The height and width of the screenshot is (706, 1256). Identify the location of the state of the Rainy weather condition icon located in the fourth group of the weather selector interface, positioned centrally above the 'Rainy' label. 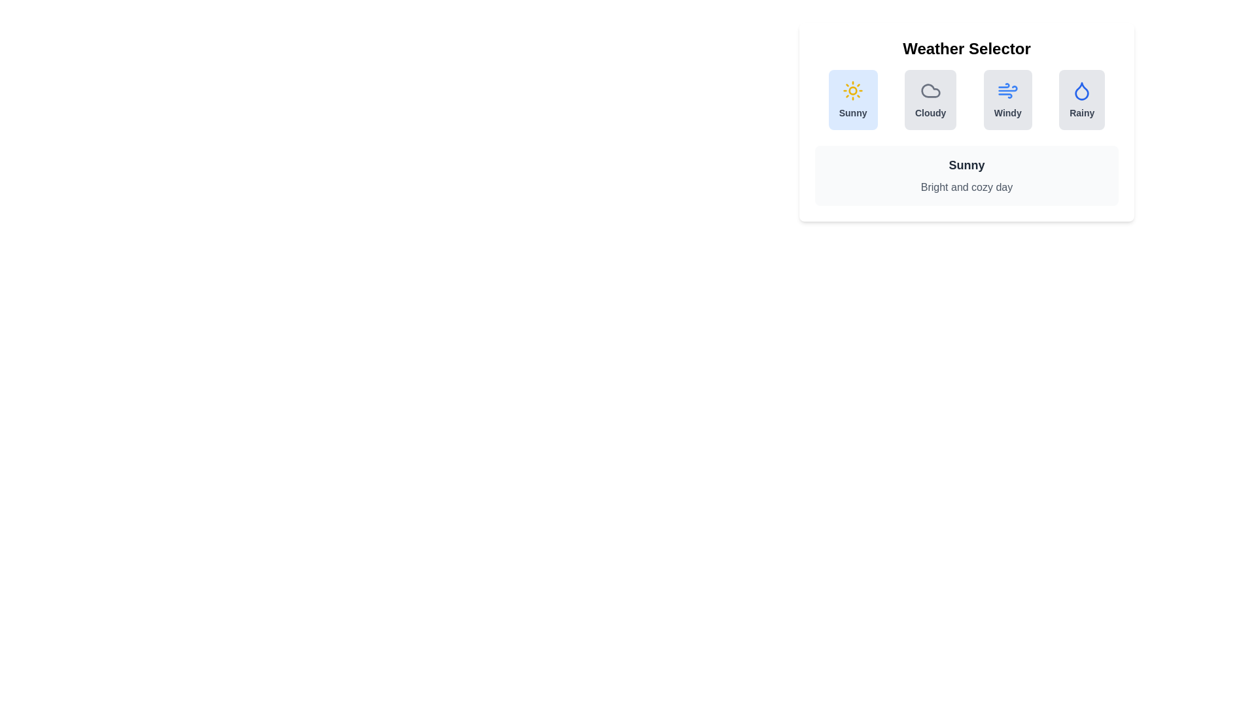
(1082, 90).